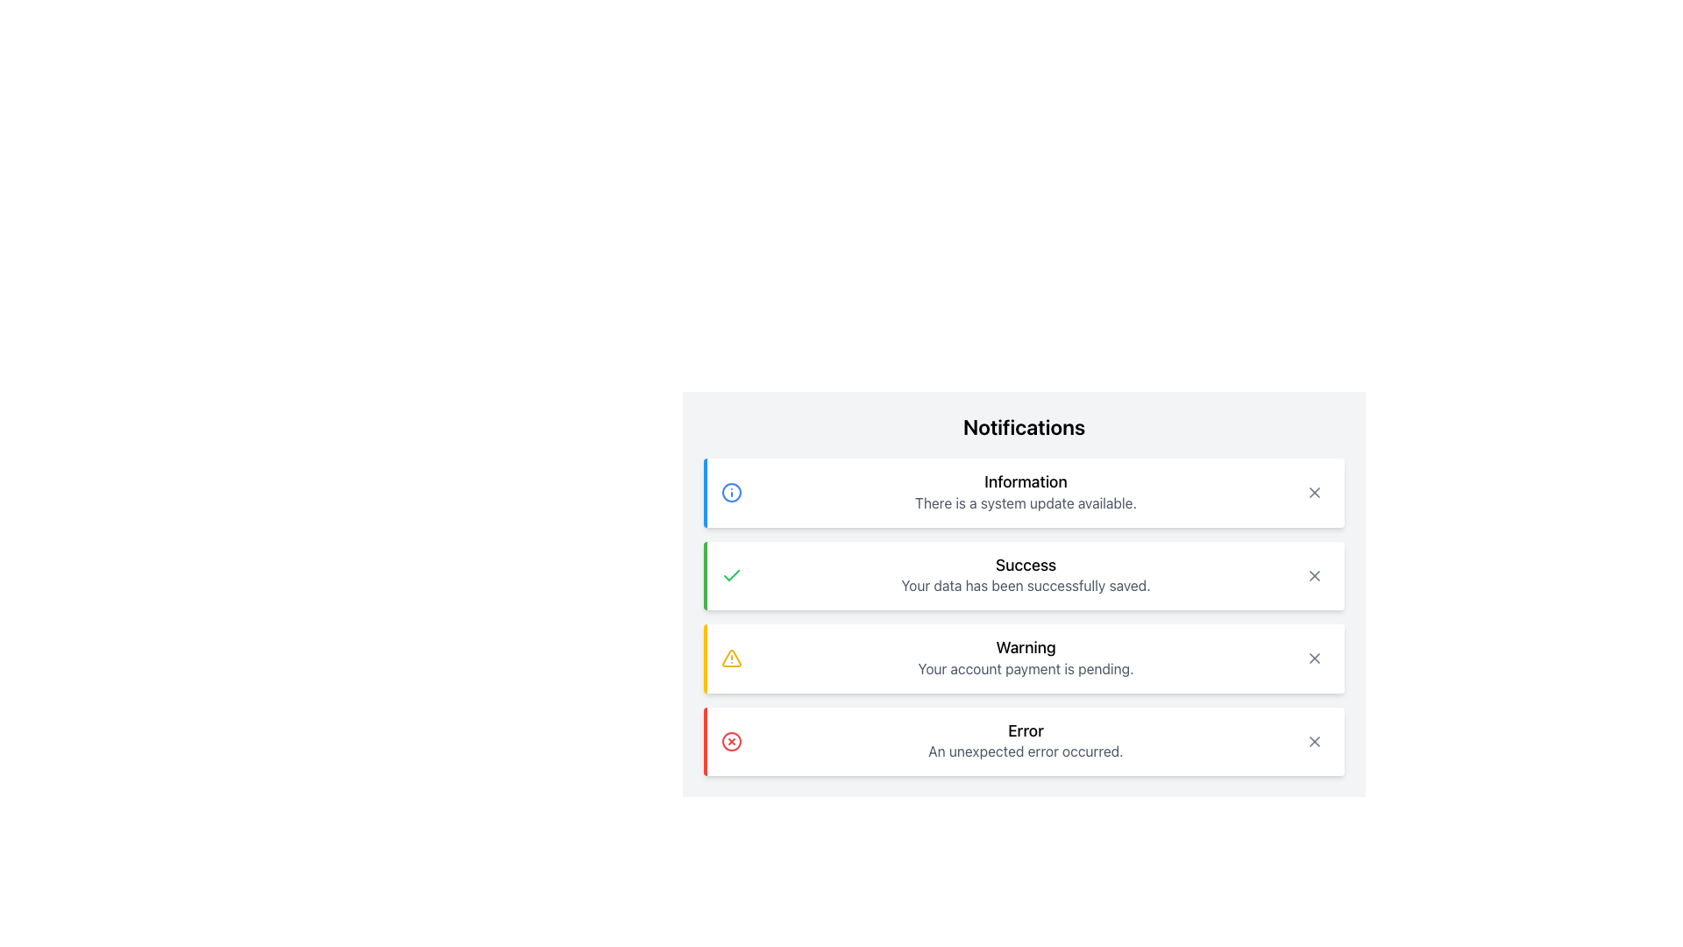 Image resolution: width=1683 pixels, height=947 pixels. Describe the element at coordinates (1314, 659) in the screenshot. I see `the close icon in the top-right corner of the 'Warning' notification box` at that location.